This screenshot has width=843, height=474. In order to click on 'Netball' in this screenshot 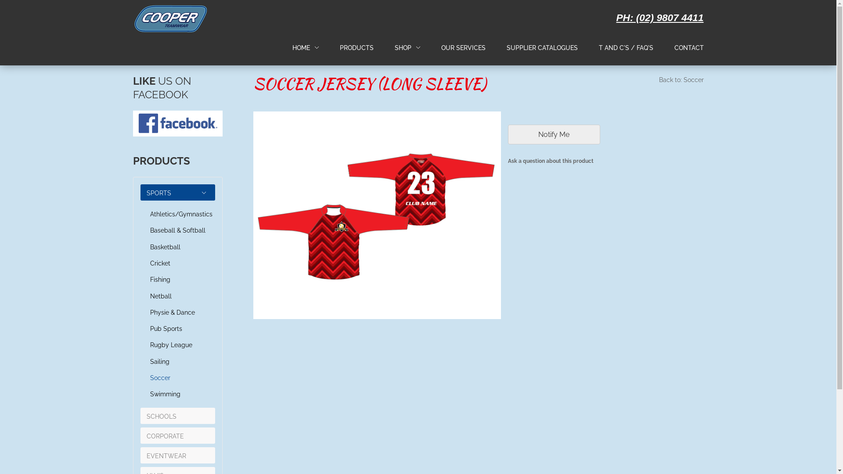, I will do `click(177, 296)`.